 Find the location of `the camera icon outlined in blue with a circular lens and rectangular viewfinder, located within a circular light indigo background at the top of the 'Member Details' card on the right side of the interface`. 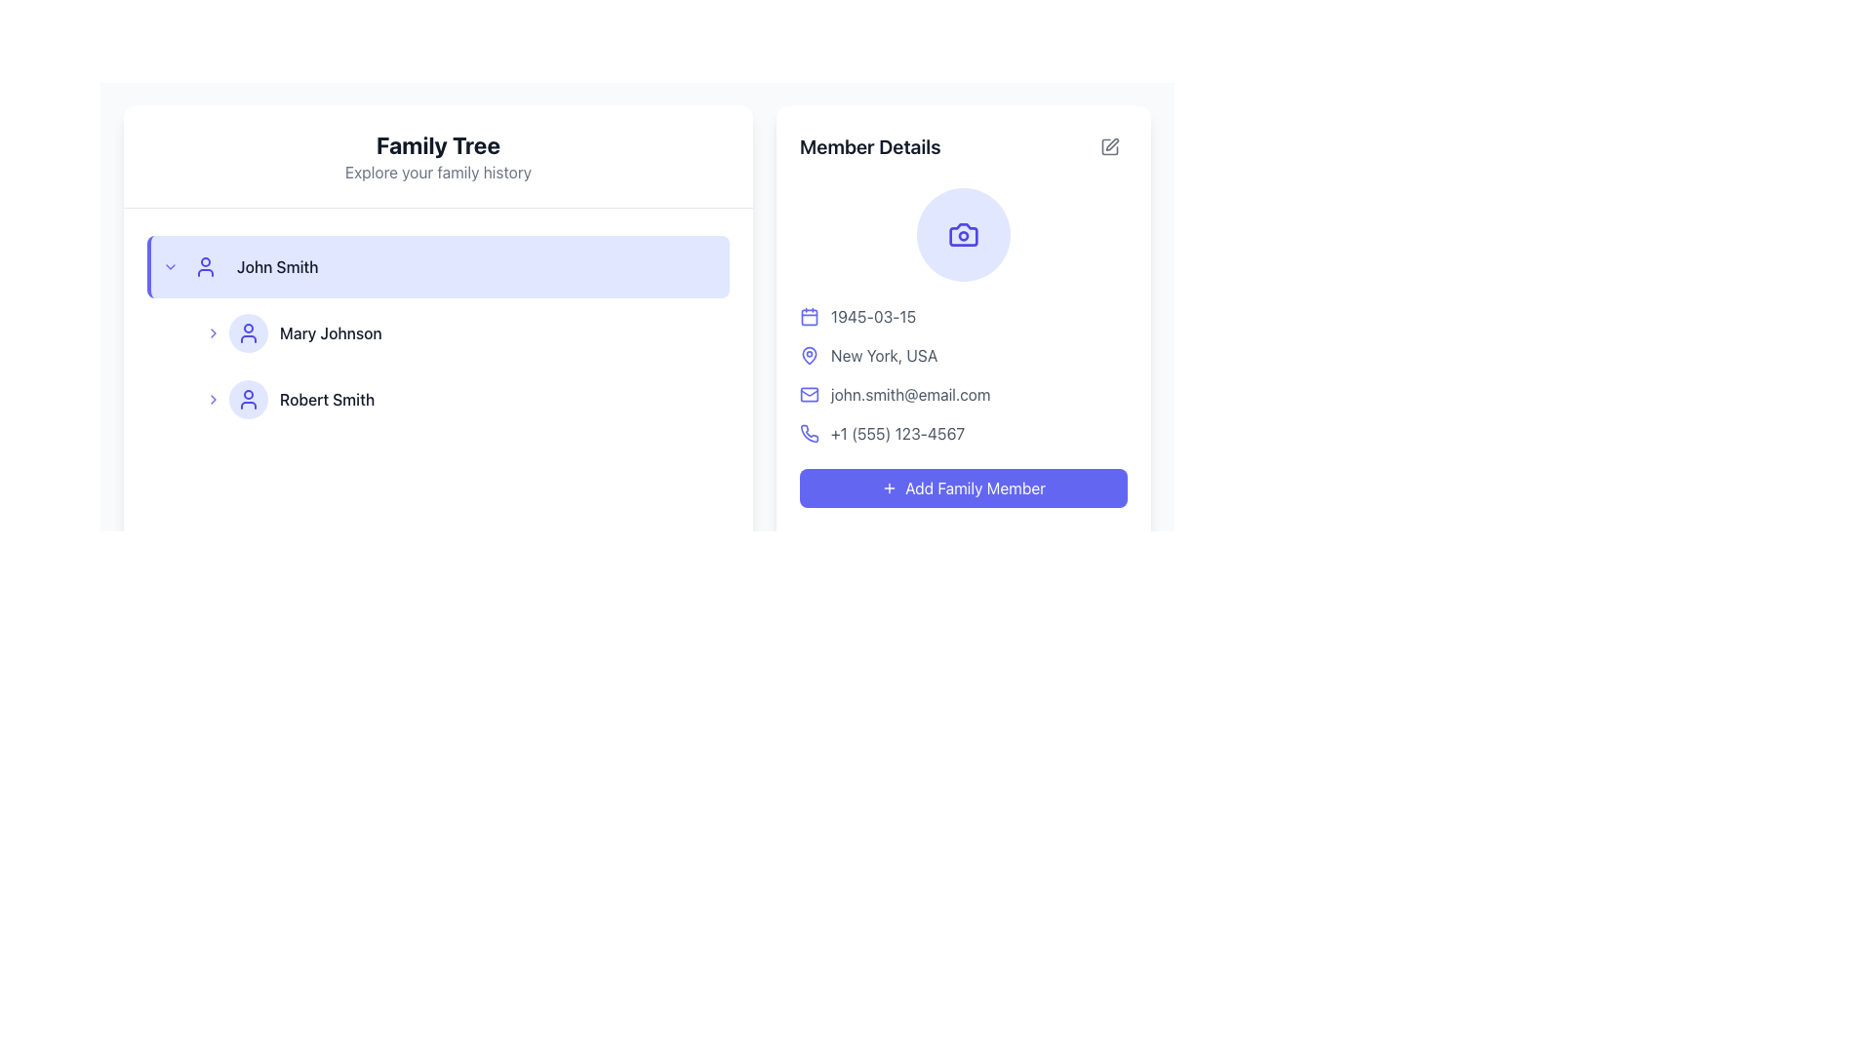

the camera icon outlined in blue with a circular lens and rectangular viewfinder, located within a circular light indigo background at the top of the 'Member Details' card on the right side of the interface is located at coordinates (964, 233).